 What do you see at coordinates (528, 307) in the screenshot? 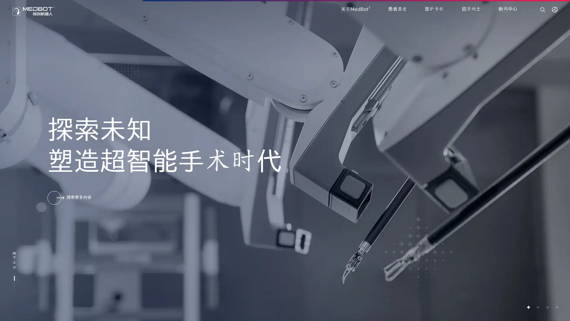
I see `Go to slide 1` at bounding box center [528, 307].